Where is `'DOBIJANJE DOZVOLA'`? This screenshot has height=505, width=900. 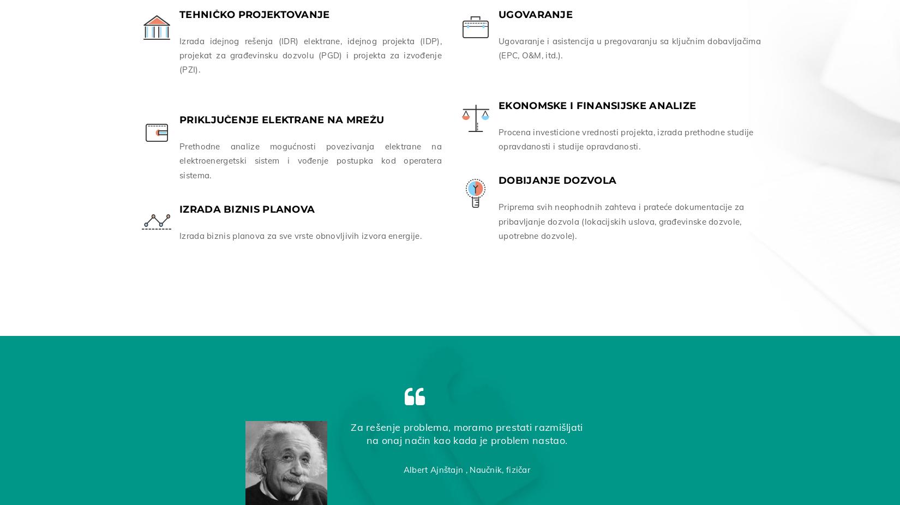 'DOBIJANJE DOZVOLA' is located at coordinates (557, 178).